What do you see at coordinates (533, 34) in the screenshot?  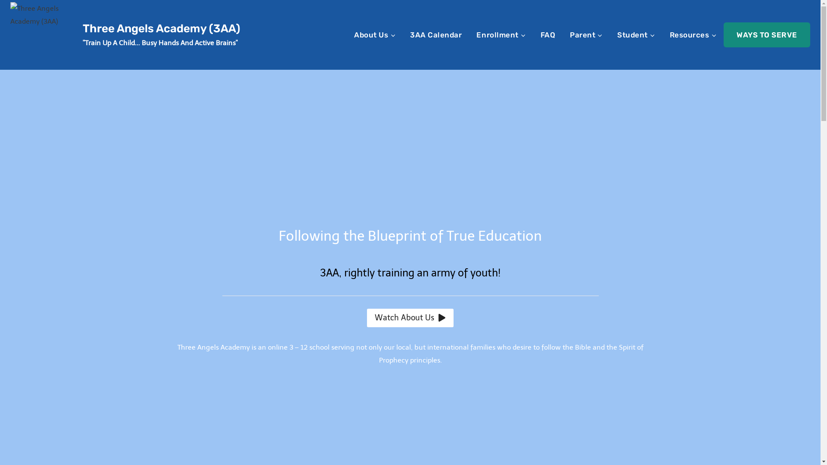 I see `'FAQ'` at bounding box center [533, 34].